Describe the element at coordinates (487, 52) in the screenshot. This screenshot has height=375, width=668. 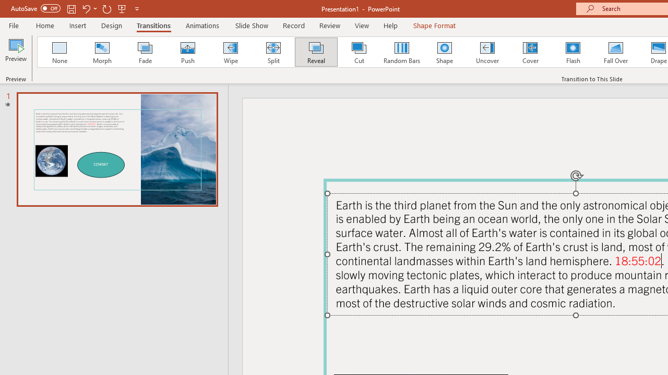
I see `'Uncover'` at that location.